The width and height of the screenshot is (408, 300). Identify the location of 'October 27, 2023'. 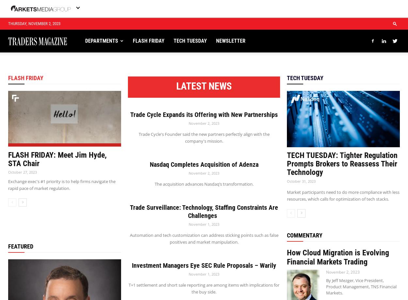
(22, 171).